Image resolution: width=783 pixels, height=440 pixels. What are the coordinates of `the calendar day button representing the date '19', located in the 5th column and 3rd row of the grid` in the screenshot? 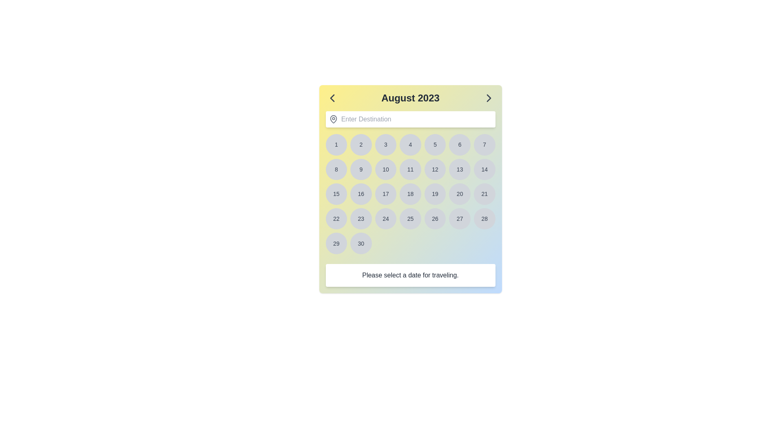 It's located at (435, 194).